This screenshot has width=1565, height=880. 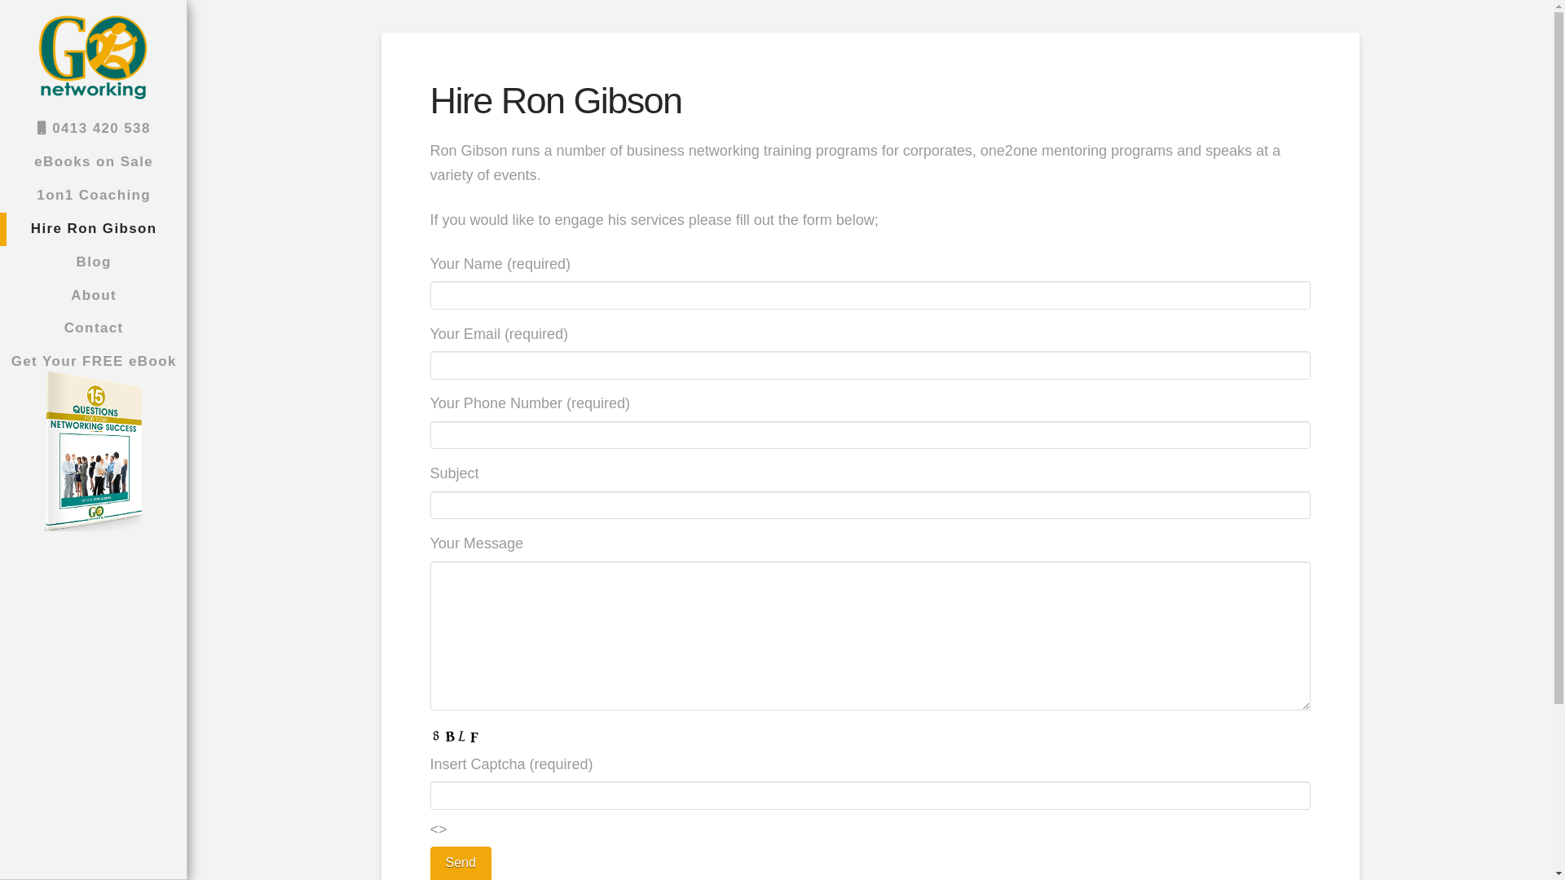 What do you see at coordinates (92, 128) in the screenshot?
I see `'0413 420 538'` at bounding box center [92, 128].